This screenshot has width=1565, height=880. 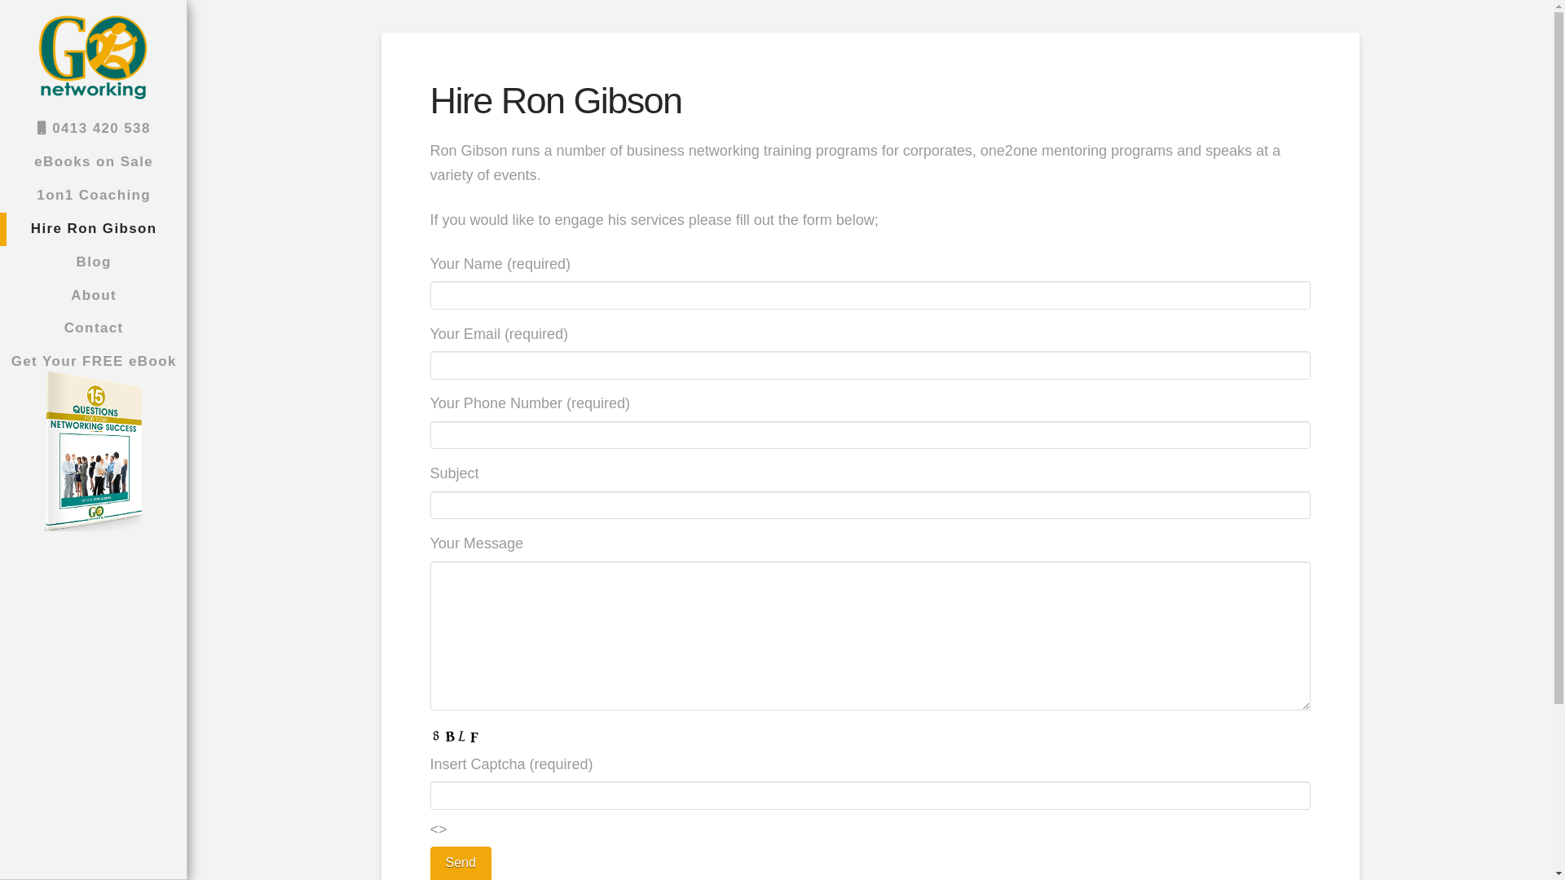 What do you see at coordinates (92, 128) in the screenshot?
I see `'0413 420 538'` at bounding box center [92, 128].